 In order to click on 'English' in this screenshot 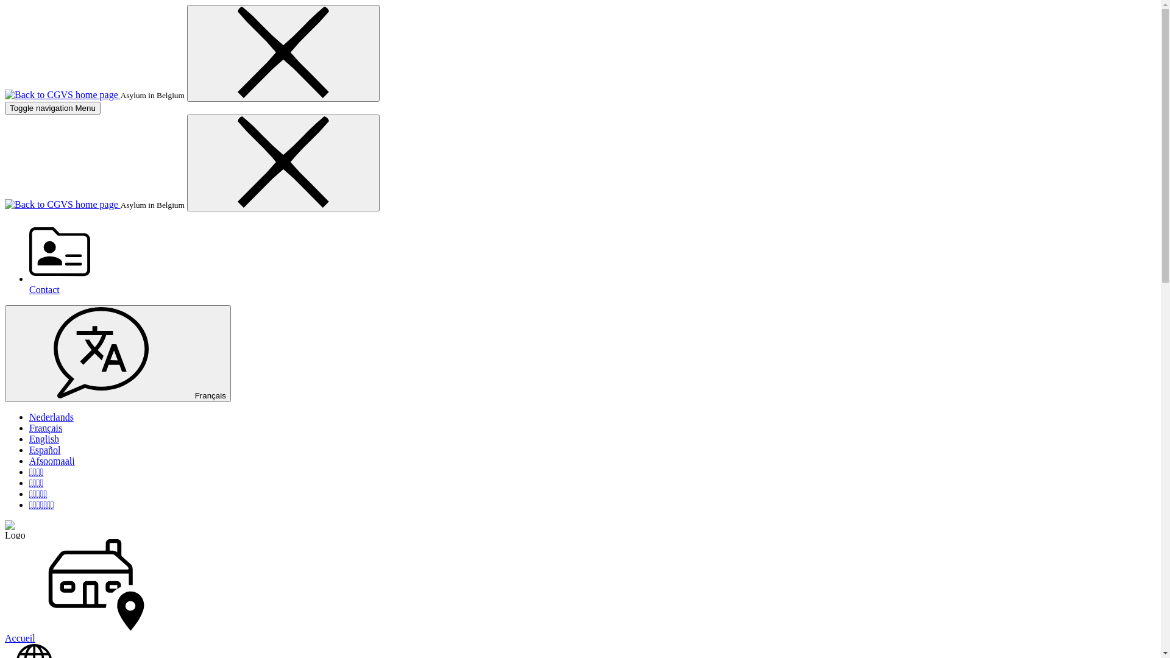, I will do `click(44, 439)`.